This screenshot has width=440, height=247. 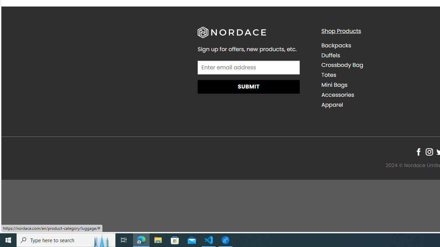 What do you see at coordinates (336, 45) in the screenshot?
I see `'Backpacks'` at bounding box center [336, 45].